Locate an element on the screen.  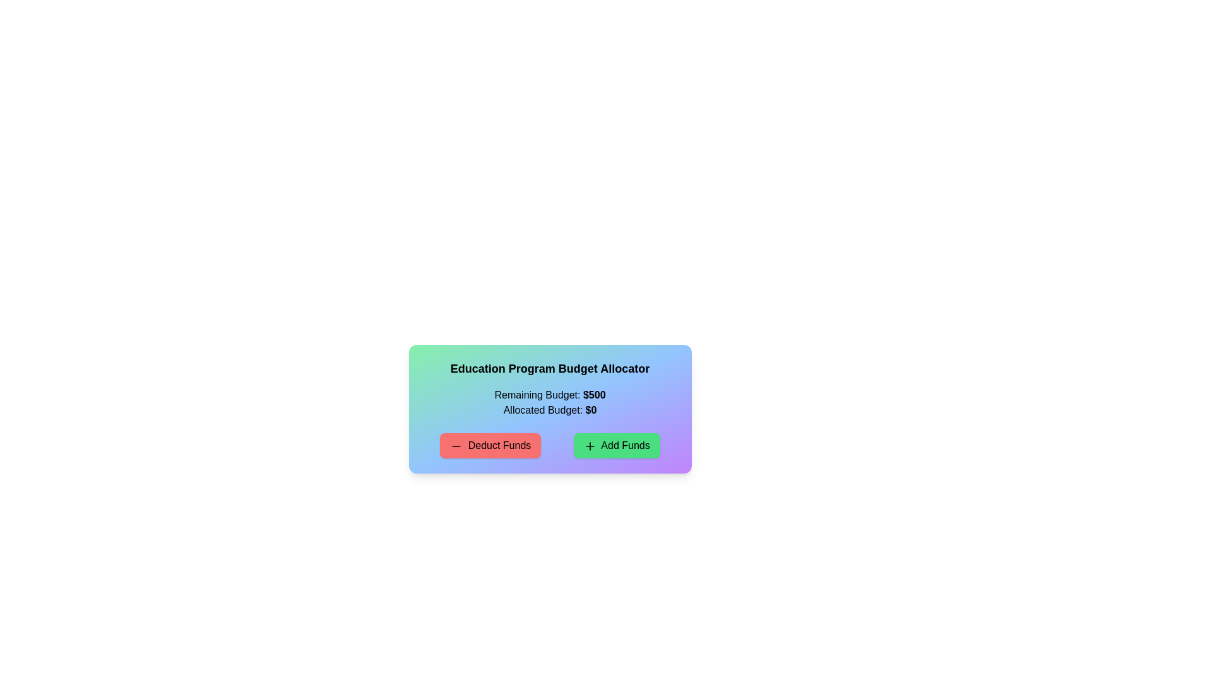
the small red minus icon located to the left of the 'Deduct Funds' text on the red button is located at coordinates (456, 445).